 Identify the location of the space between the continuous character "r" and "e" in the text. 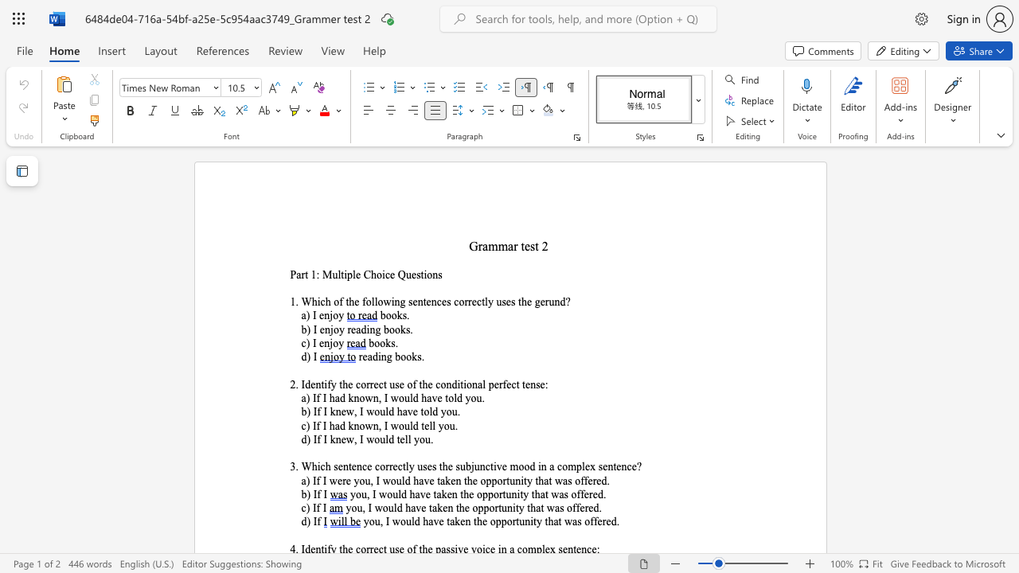
(588, 508).